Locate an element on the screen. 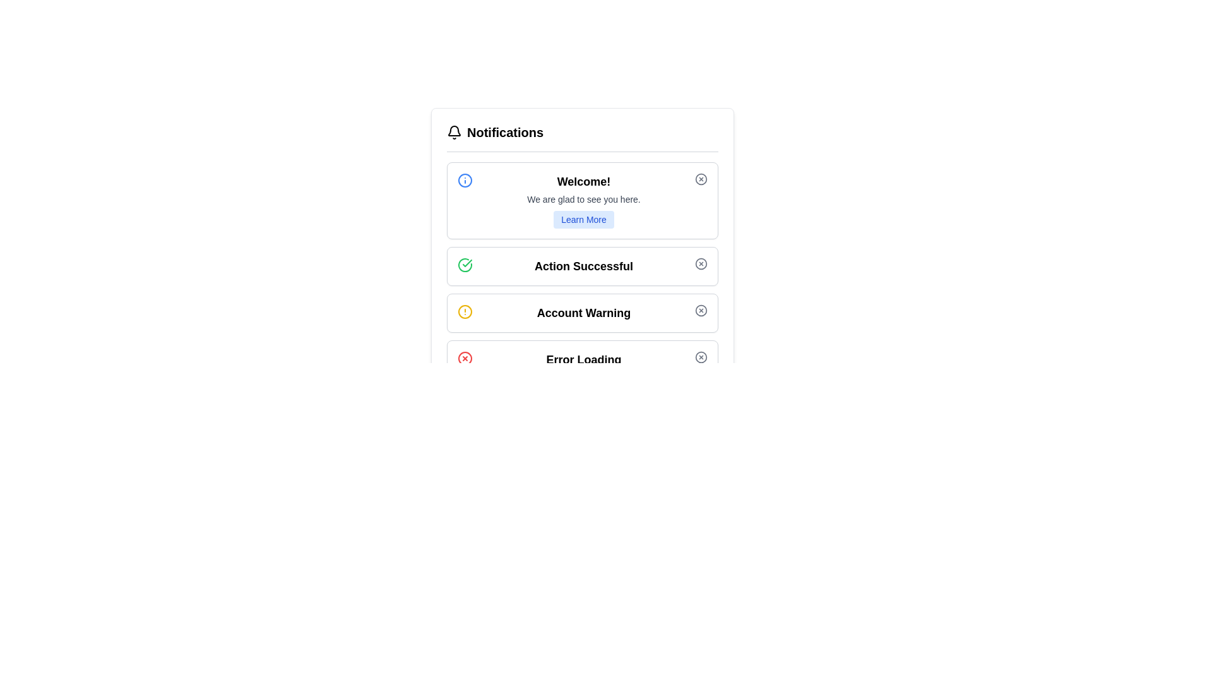  the red-colored icon located to the left of the 'Error Loading' text in the bottom row of the notification list is located at coordinates (465, 358).